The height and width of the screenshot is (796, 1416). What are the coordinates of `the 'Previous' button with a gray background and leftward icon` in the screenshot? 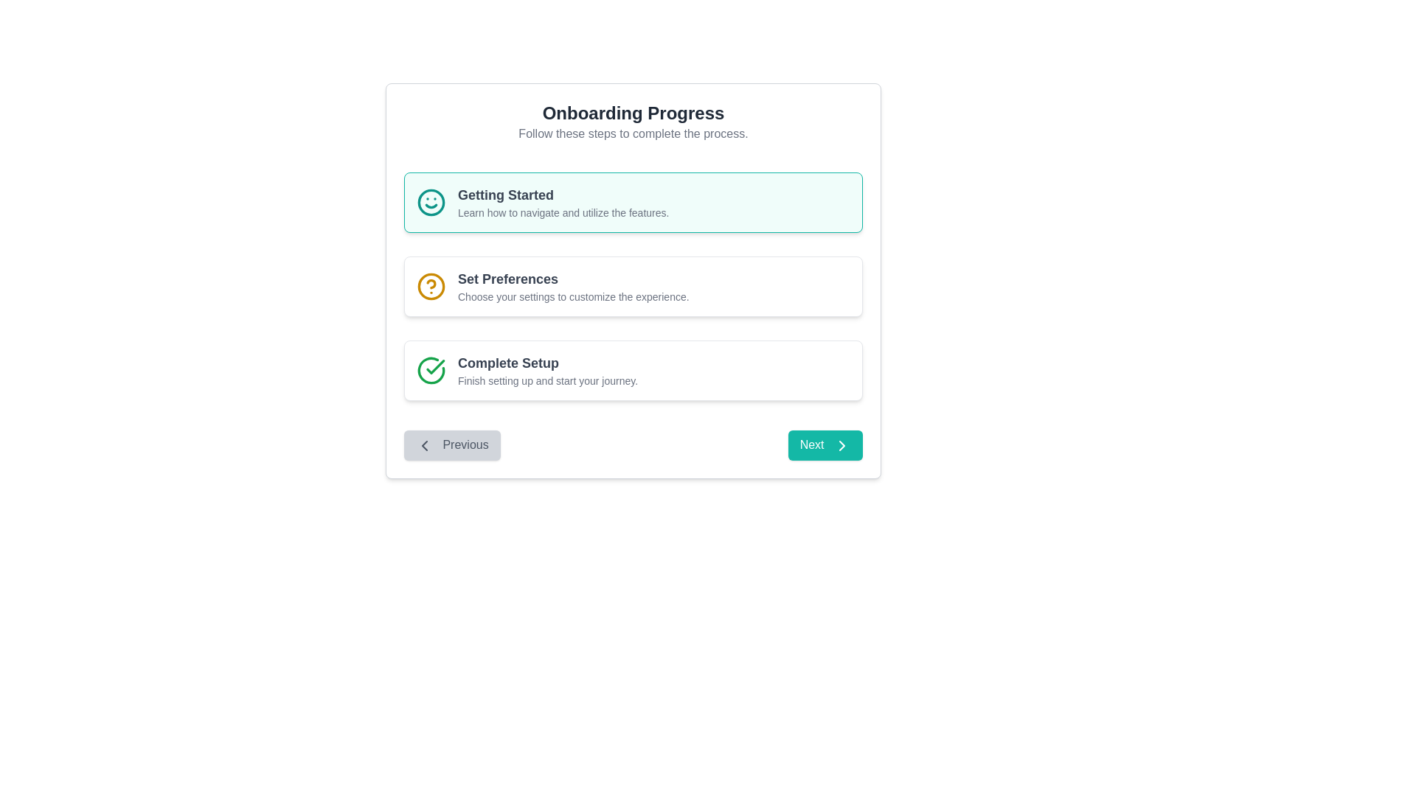 It's located at (451, 444).